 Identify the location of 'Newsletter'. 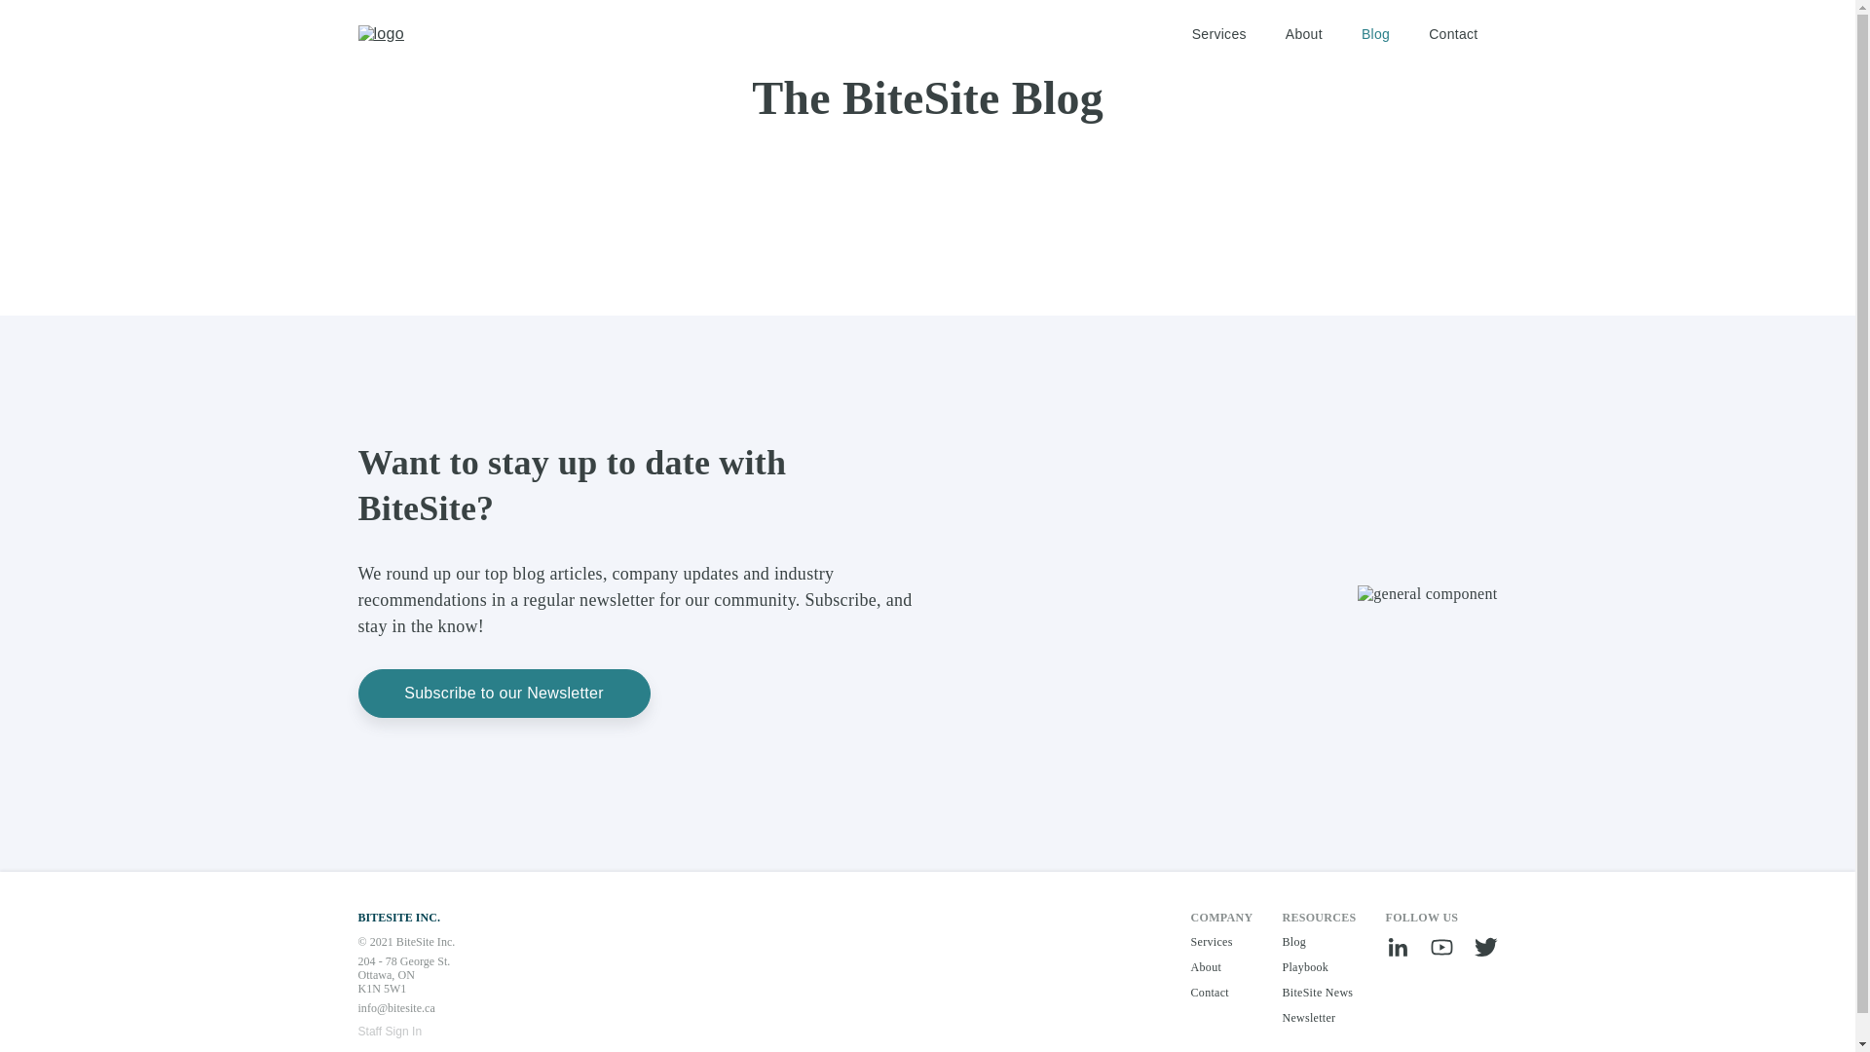
(1318, 1017).